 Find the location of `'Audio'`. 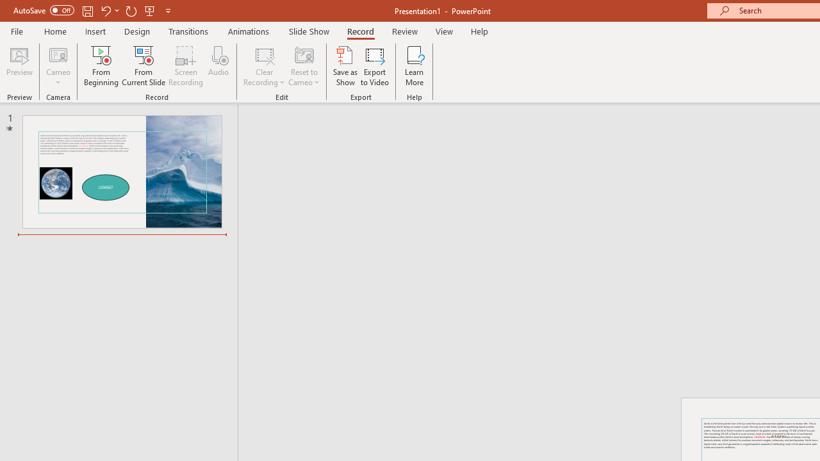

'Audio' is located at coordinates (218, 66).